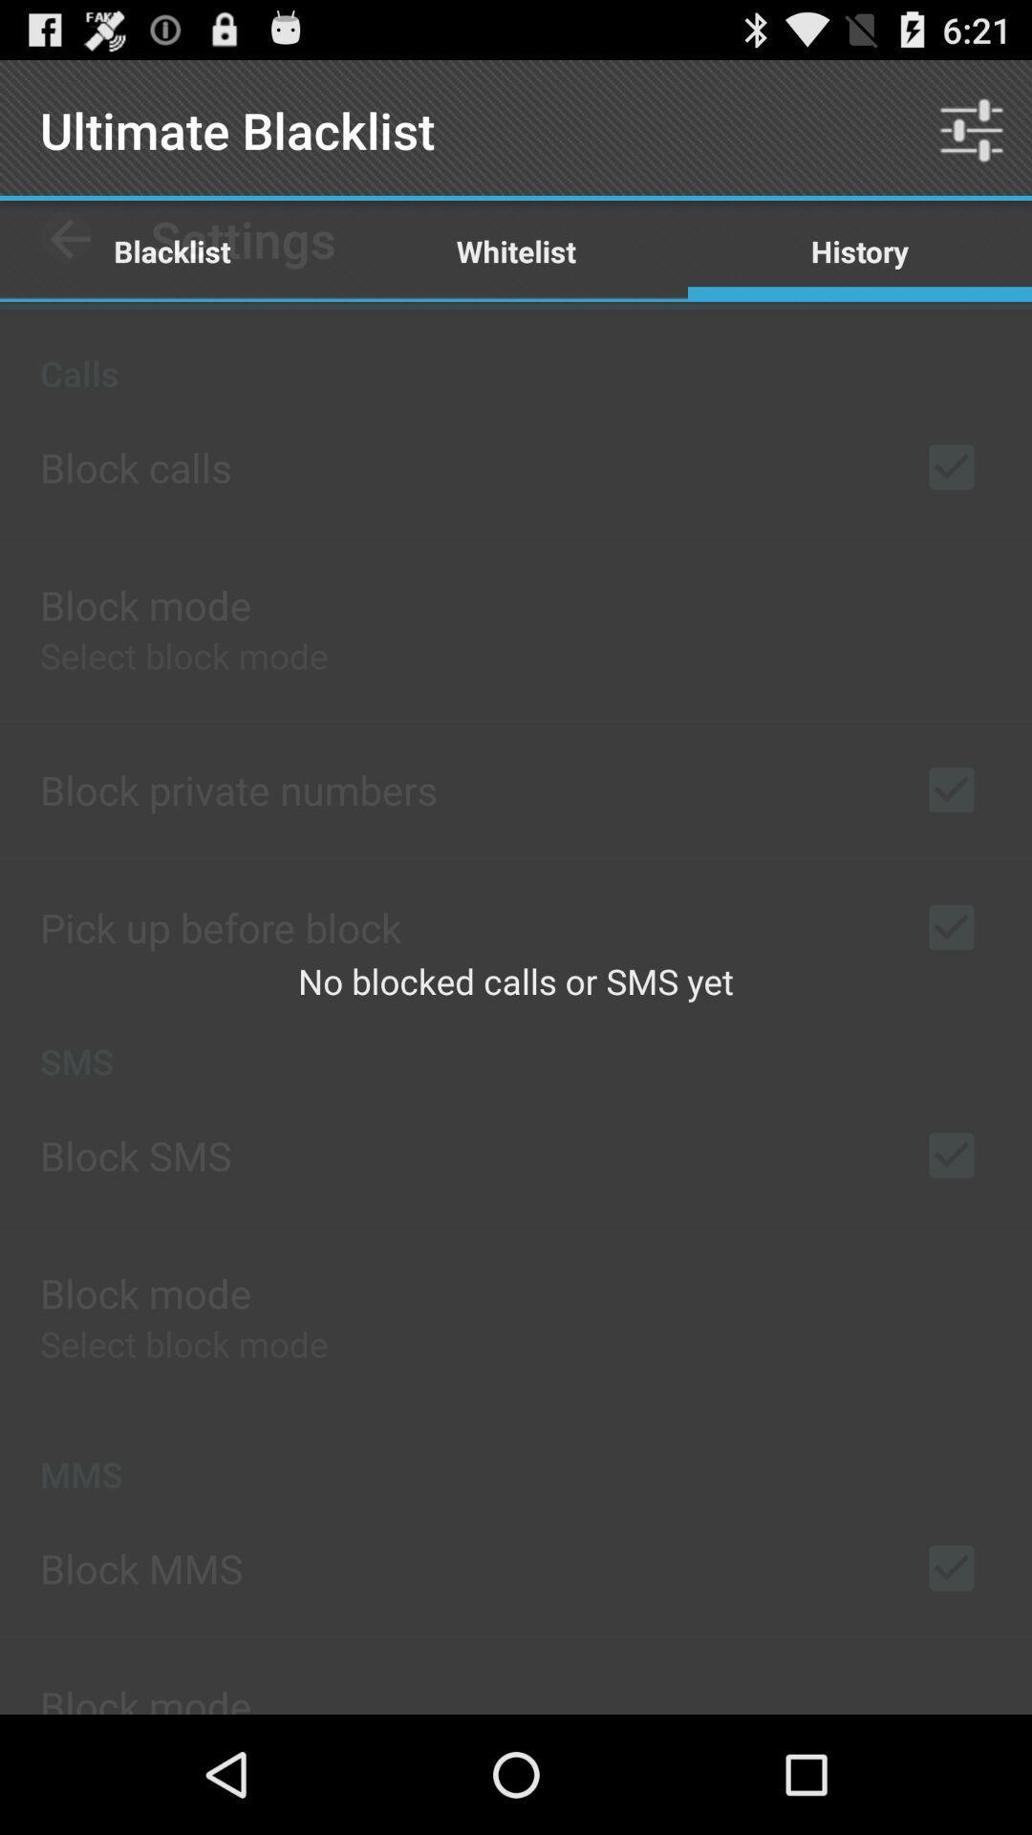 Image resolution: width=1032 pixels, height=1835 pixels. Describe the element at coordinates (972, 129) in the screenshot. I see `the item to the right of whitelist` at that location.